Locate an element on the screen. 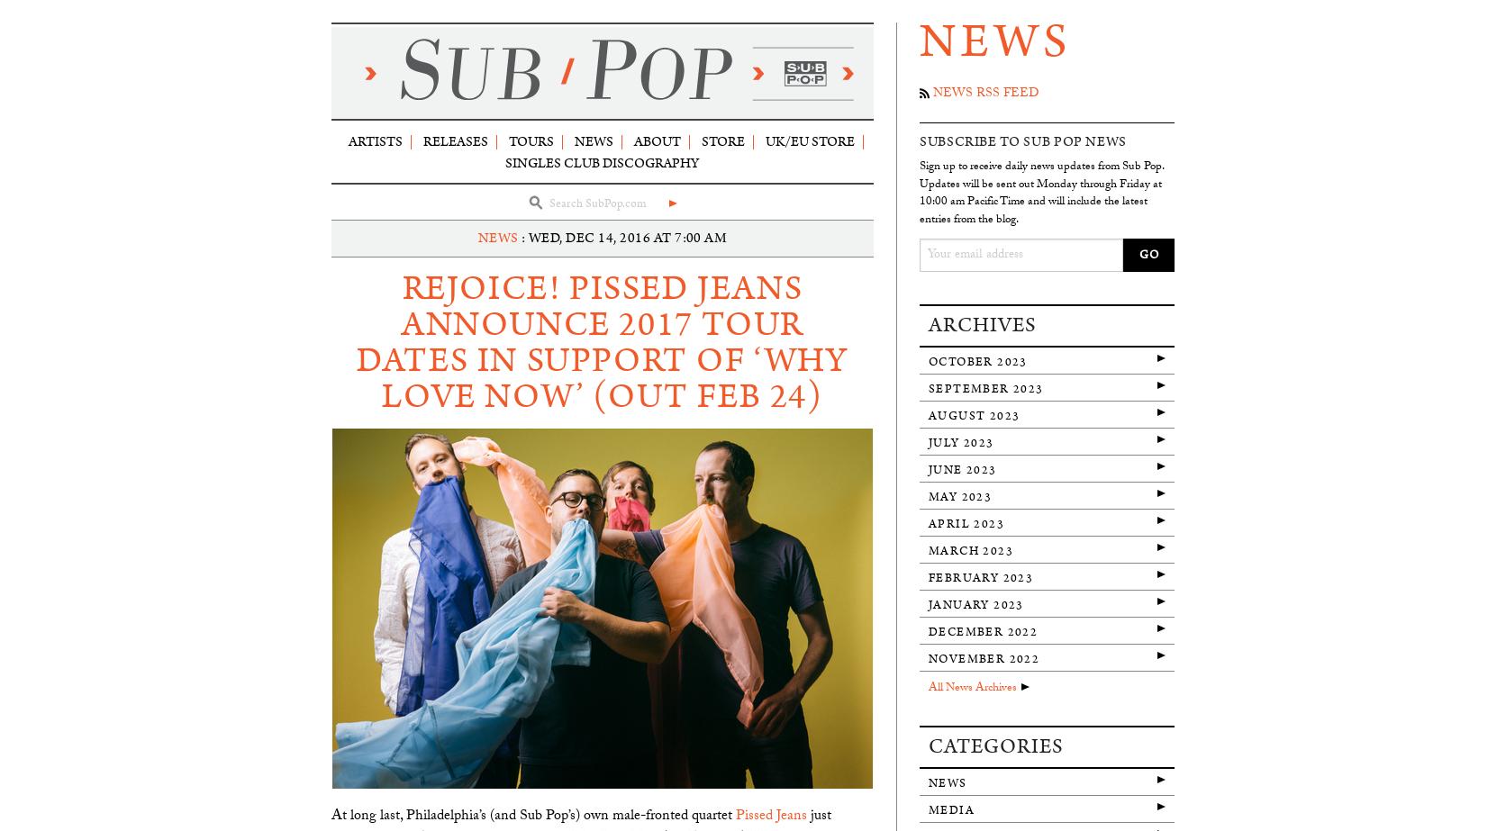  'News RSS Feed' is located at coordinates (931, 95).